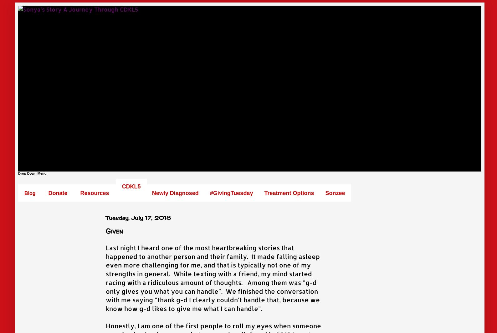 The image size is (497, 333). I want to click on 'Tuesday, July 17, 2018', so click(138, 218).